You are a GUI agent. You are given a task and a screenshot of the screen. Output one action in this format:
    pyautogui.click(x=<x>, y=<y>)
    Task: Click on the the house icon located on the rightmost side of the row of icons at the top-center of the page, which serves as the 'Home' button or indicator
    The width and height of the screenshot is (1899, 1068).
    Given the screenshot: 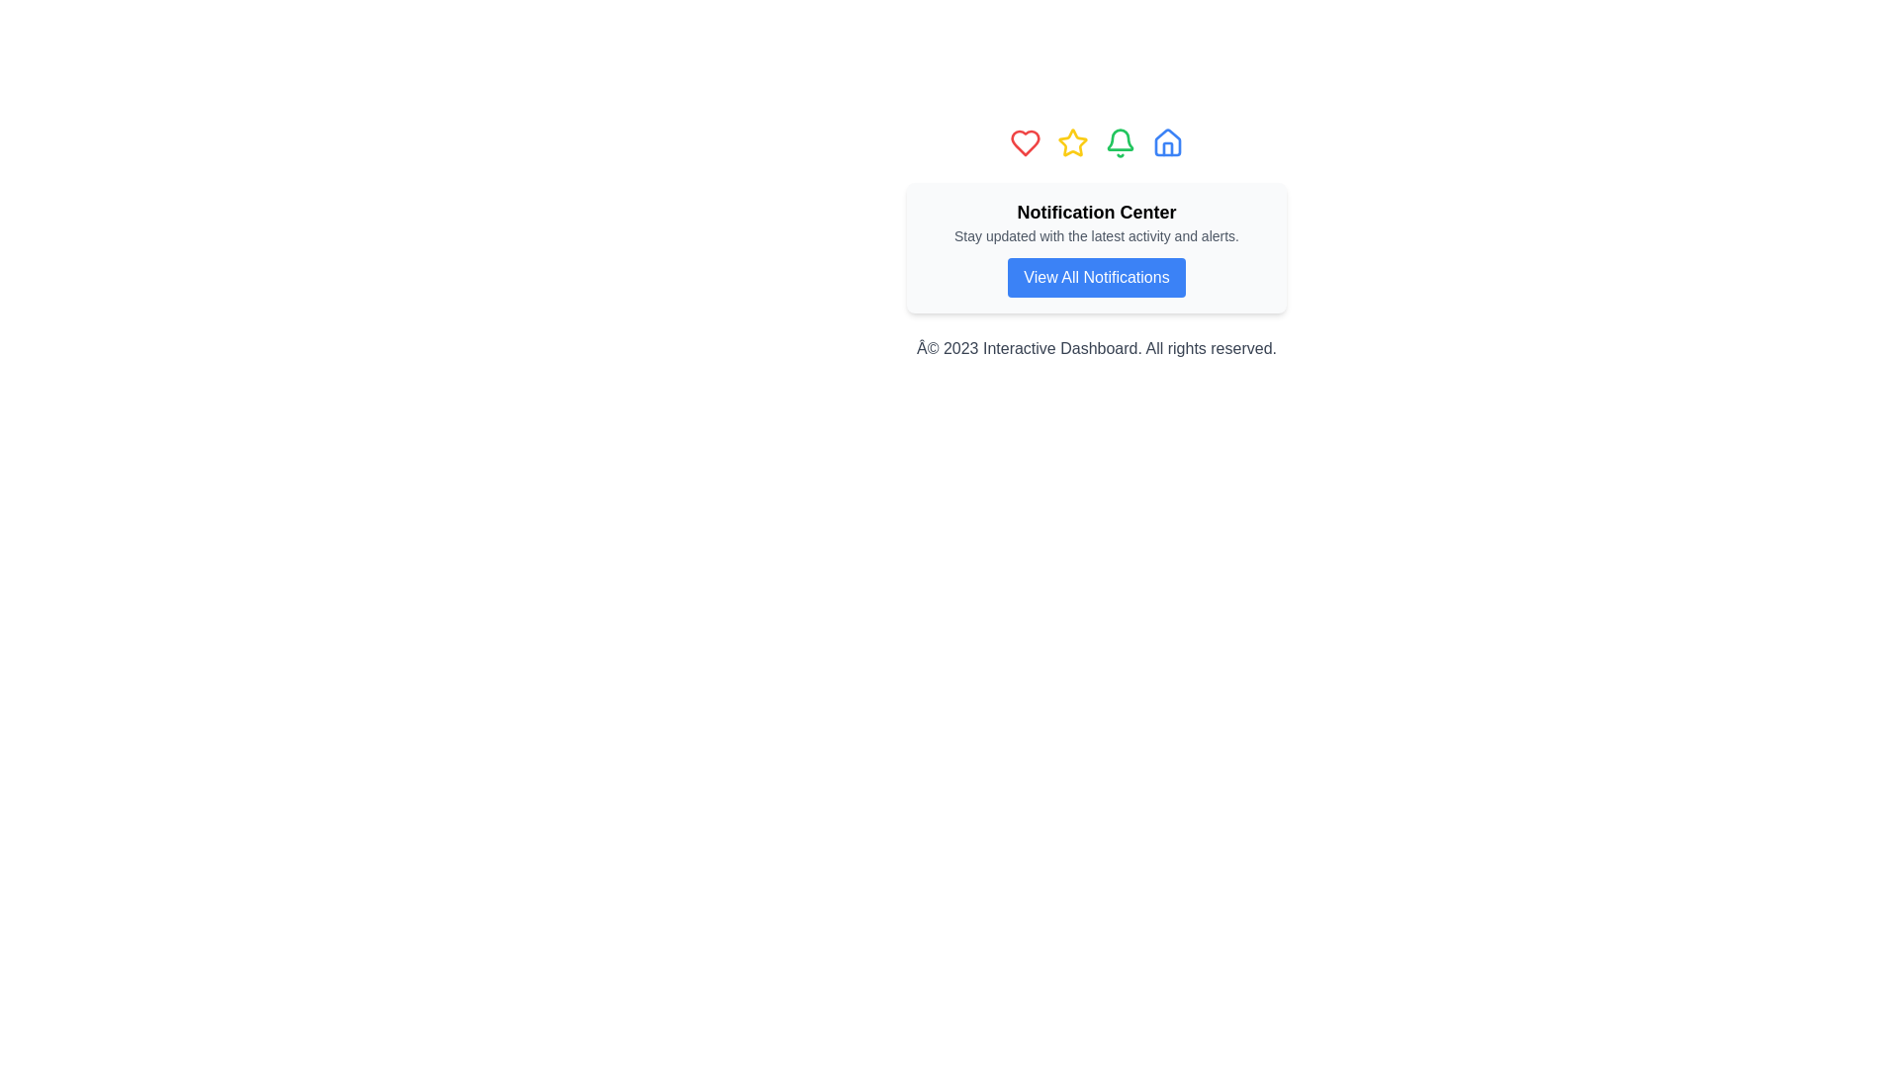 What is the action you would take?
    pyautogui.click(x=1167, y=140)
    